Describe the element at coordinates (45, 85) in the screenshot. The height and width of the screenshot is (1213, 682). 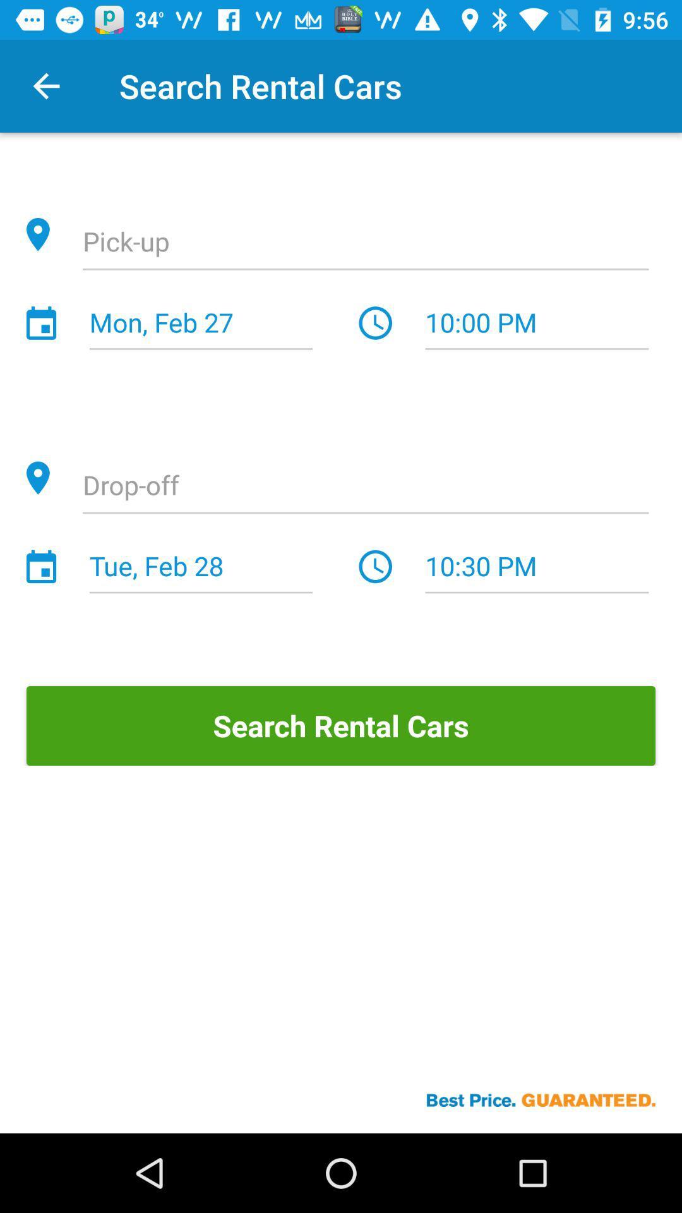
I see `item to the left of search rental cars icon` at that location.